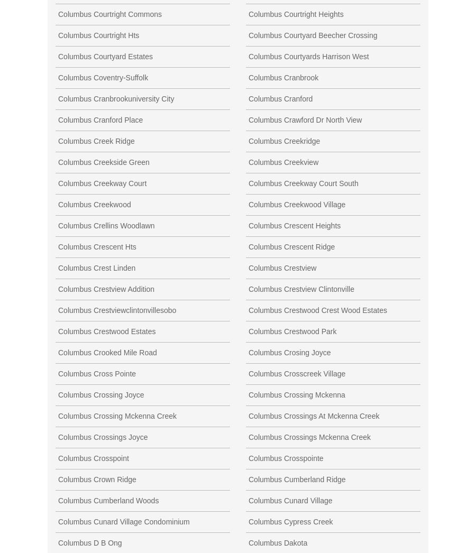 The width and height of the screenshot is (476, 553). What do you see at coordinates (295, 13) in the screenshot?
I see `'Columbus Courtright Heights'` at bounding box center [295, 13].